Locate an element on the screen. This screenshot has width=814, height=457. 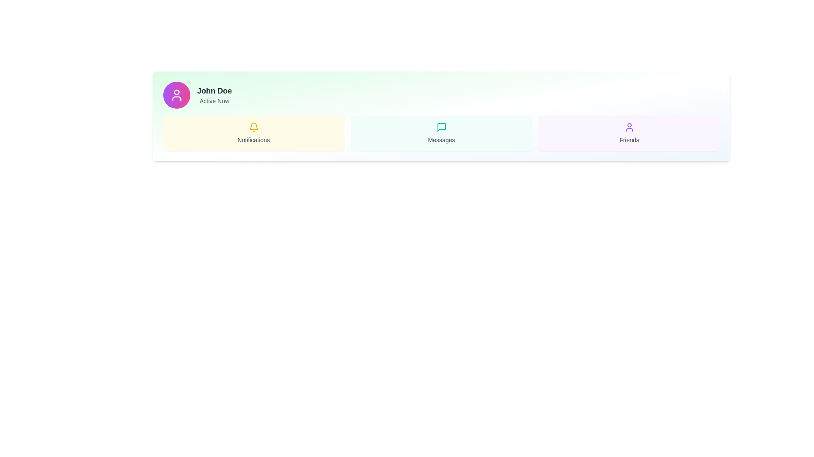
the user profile picture located on the far left of the interface, adjacent to 'John Doe' and 'Active Now' is located at coordinates (176, 95).